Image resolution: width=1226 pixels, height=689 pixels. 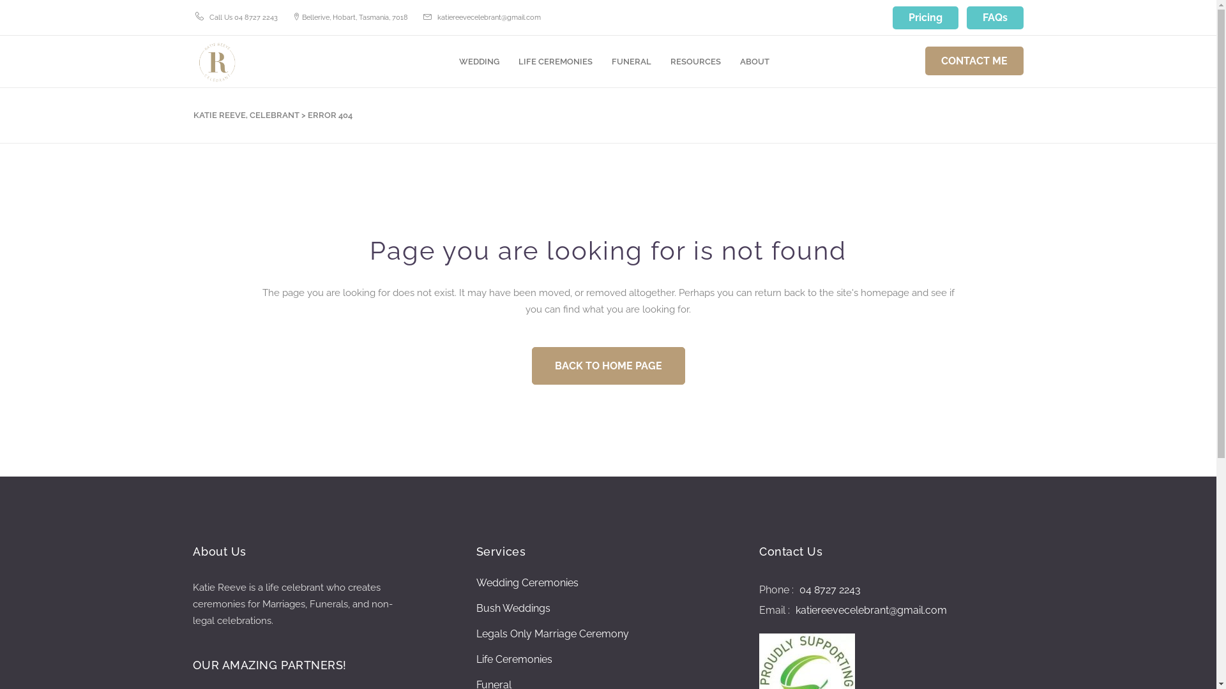 I want to click on 'Legals Only Marriage Ceremony', so click(x=552, y=634).